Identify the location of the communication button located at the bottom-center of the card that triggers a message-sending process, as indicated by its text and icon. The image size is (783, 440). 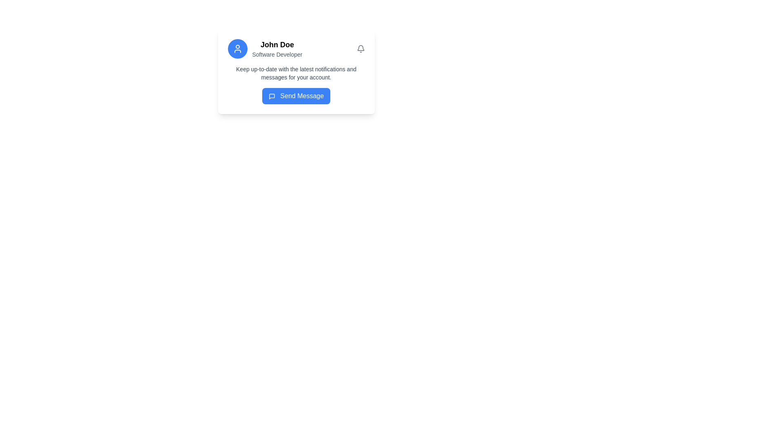
(296, 95).